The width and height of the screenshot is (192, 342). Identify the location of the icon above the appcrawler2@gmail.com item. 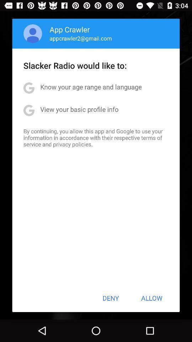
(70, 29).